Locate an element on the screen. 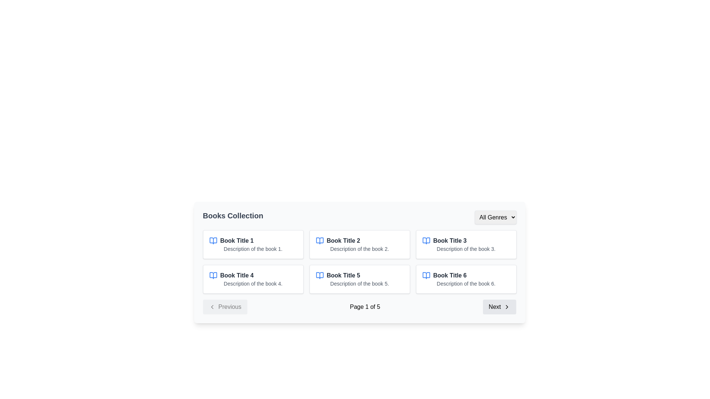  the static text label that displays the current page number, centrally positioned in the navigation footer between the 'Previous' and 'Next' buttons is located at coordinates (365, 307).